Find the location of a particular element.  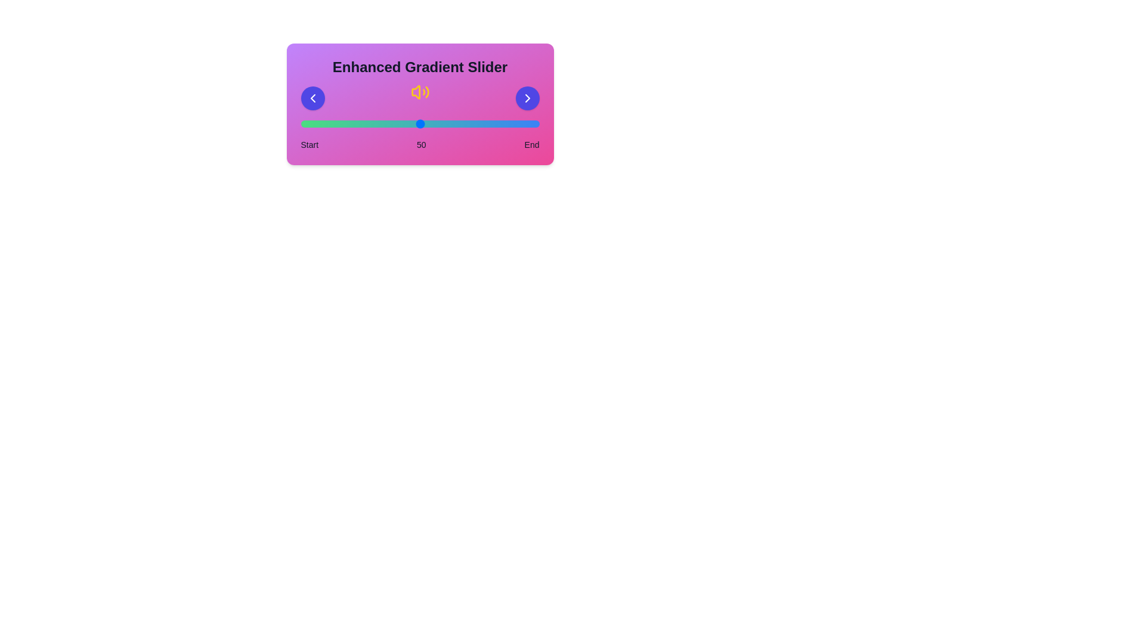

the slider to set the value to 10 is located at coordinates (324, 124).